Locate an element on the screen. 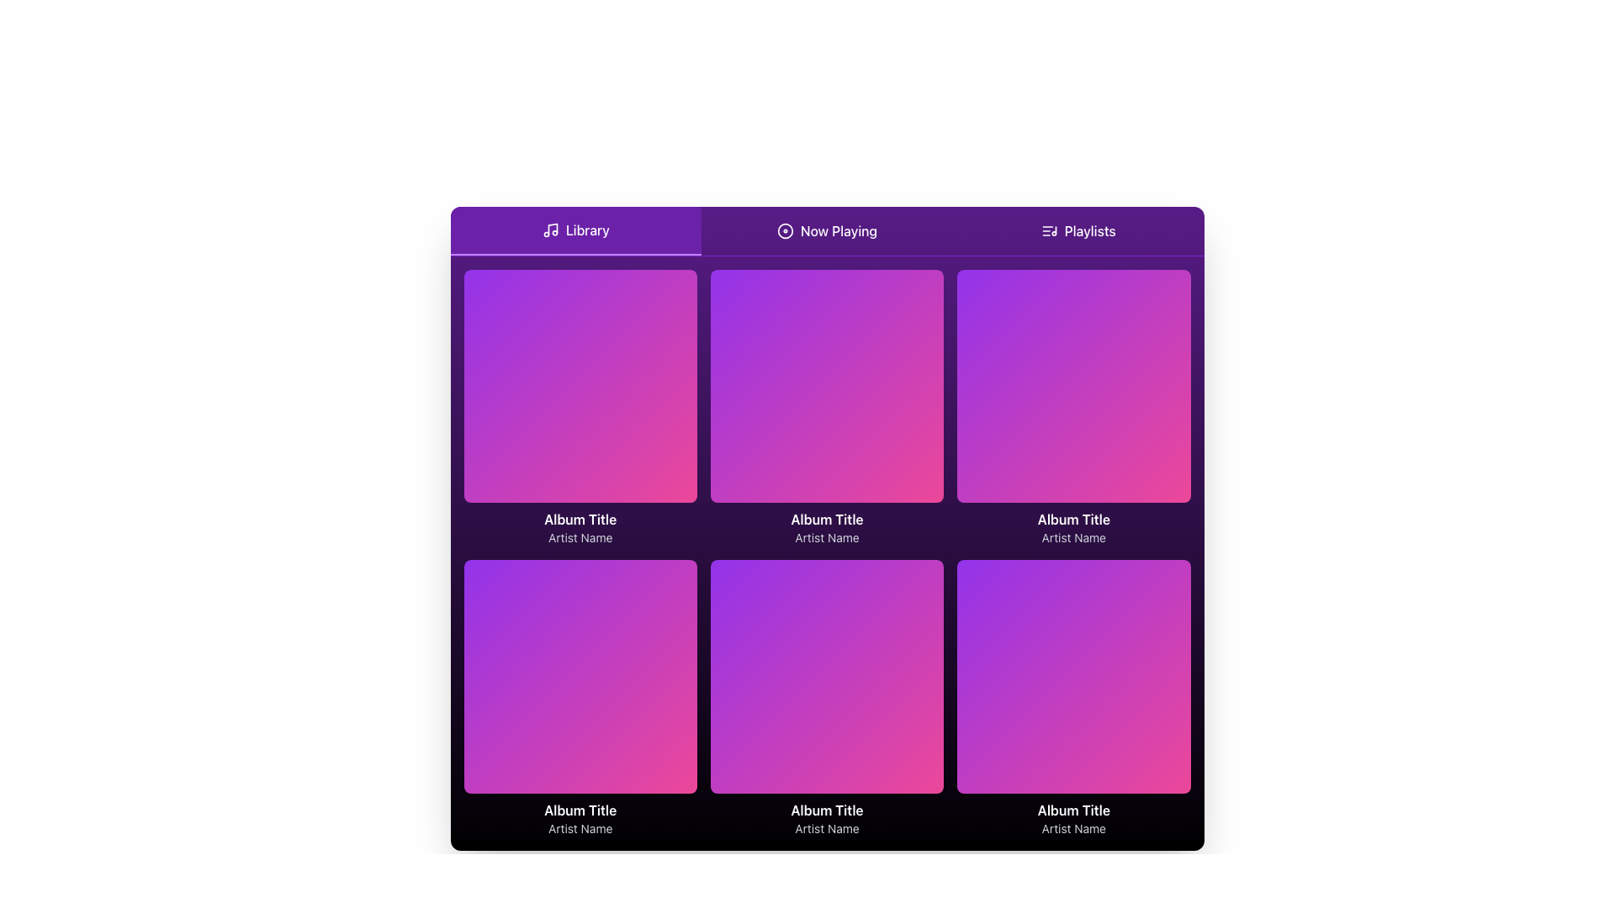 This screenshot has height=908, width=1615. the Static Text displaying 'Album Title', which is located in the bottom right cell of a 3x2 grid layout and is the first line of a two-line structure is located at coordinates (1072, 809).